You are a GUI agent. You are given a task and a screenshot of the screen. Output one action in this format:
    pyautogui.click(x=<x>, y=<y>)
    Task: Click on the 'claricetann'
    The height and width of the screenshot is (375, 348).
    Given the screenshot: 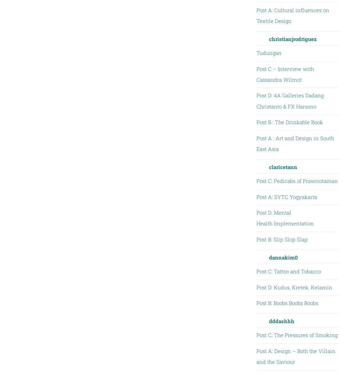 What is the action you would take?
    pyautogui.click(x=283, y=167)
    